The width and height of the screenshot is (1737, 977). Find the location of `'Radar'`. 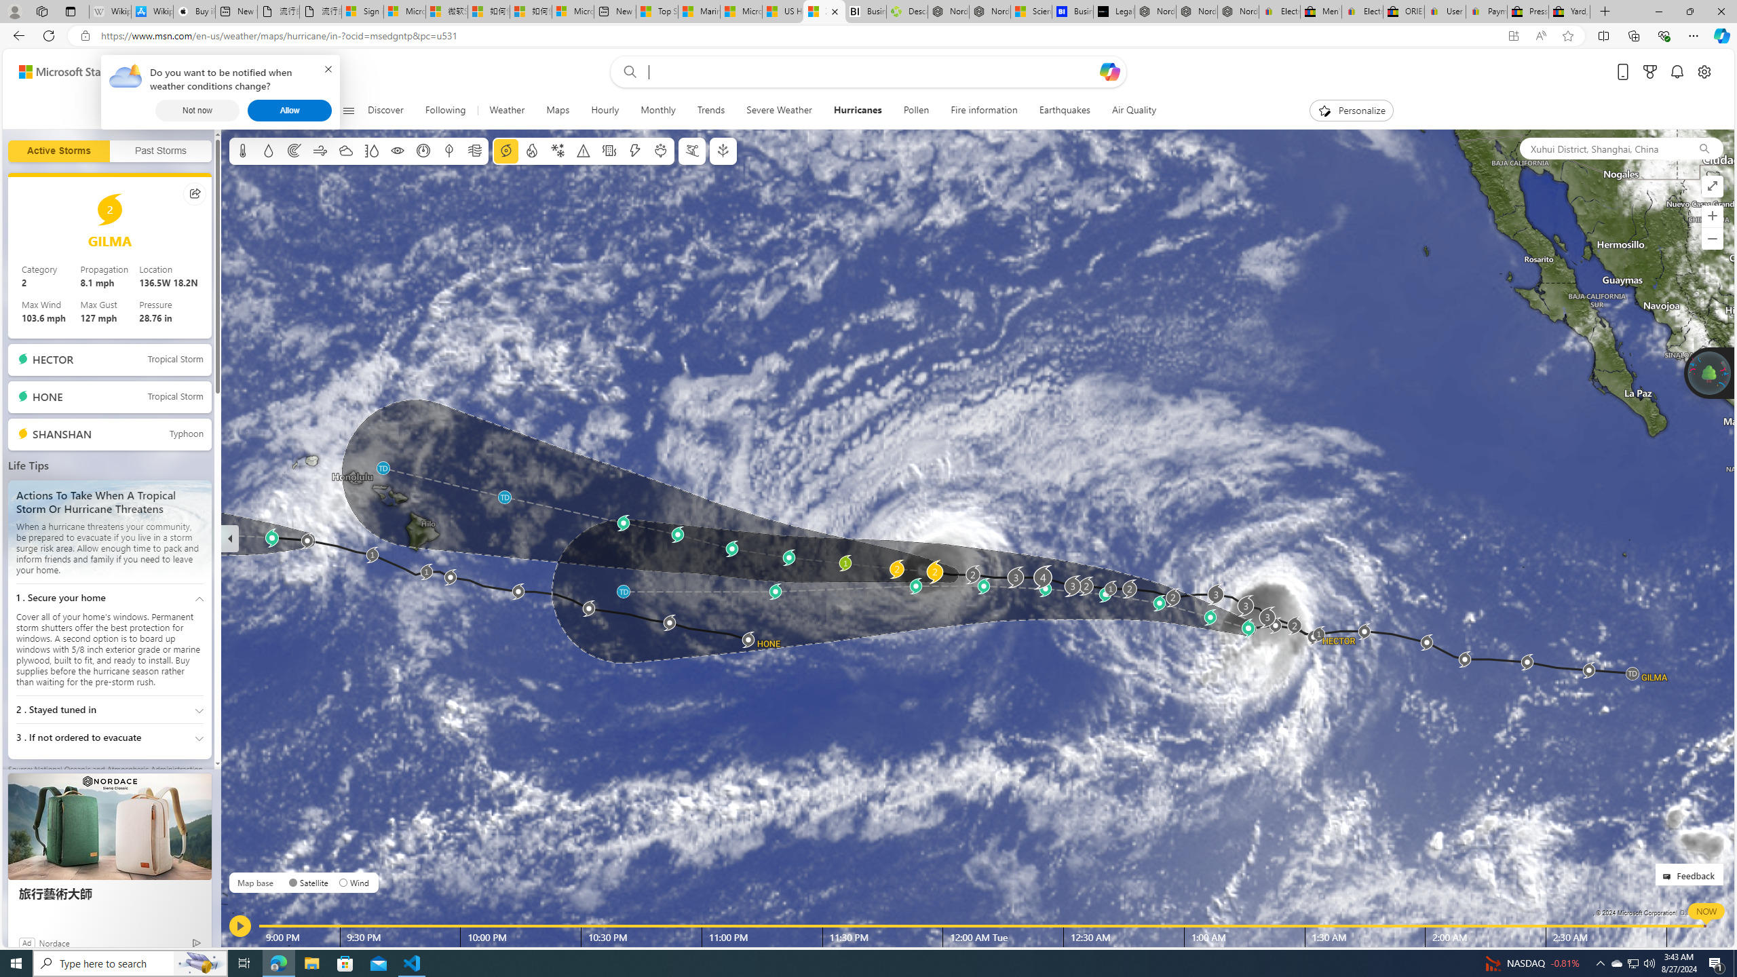

'Radar' is located at coordinates (293, 151).